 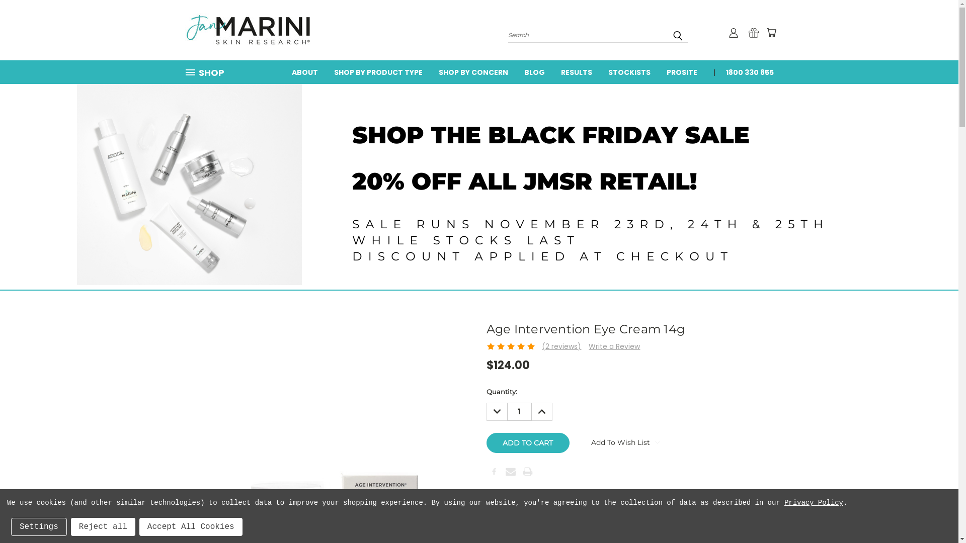 I want to click on 'Gift Certificates', so click(x=753, y=32).